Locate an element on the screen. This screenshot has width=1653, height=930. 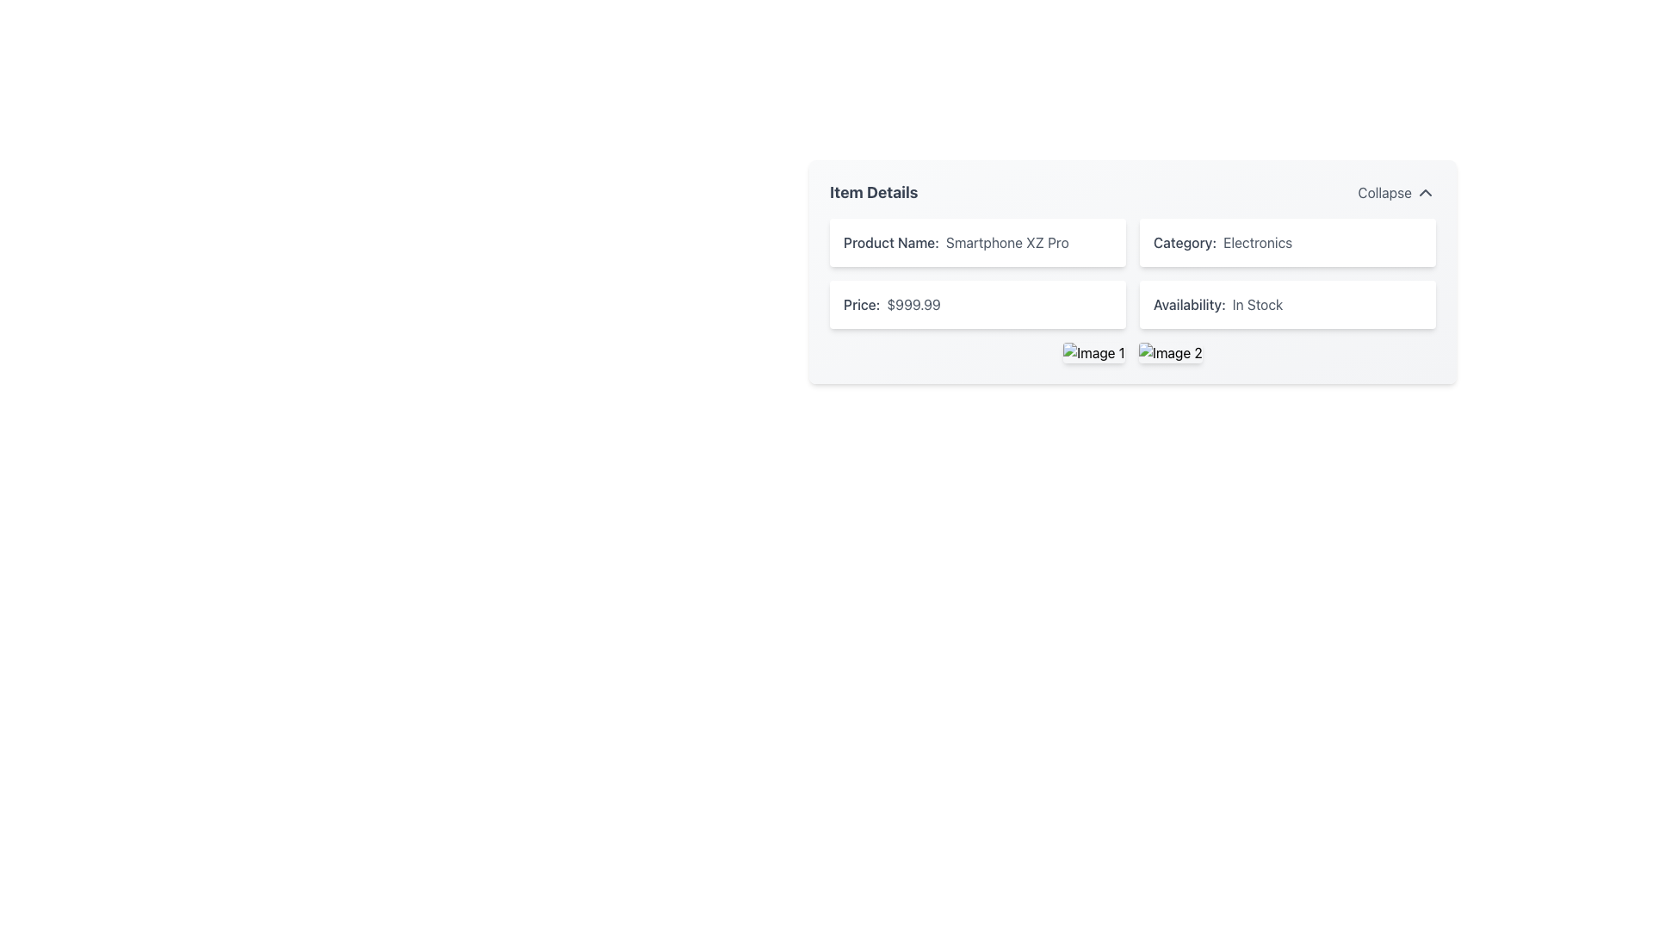
the static text displaying the price of the item, located inside the 'Item Details' card, adjacent to 'Price:' in the second row of the details section is located at coordinates (913, 304).